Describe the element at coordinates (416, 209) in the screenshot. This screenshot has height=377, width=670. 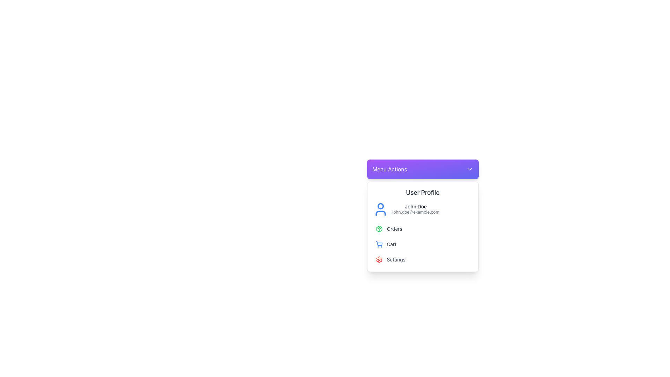
I see `the Text display area containing 'John Doe' and 'john.doe@example.com', which is positioned in the center of the white card under the title 'User Profile'` at that location.